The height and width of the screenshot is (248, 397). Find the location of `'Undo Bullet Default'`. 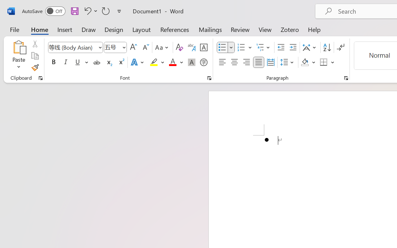

'Undo Bullet Default' is located at coordinates (90, 11).